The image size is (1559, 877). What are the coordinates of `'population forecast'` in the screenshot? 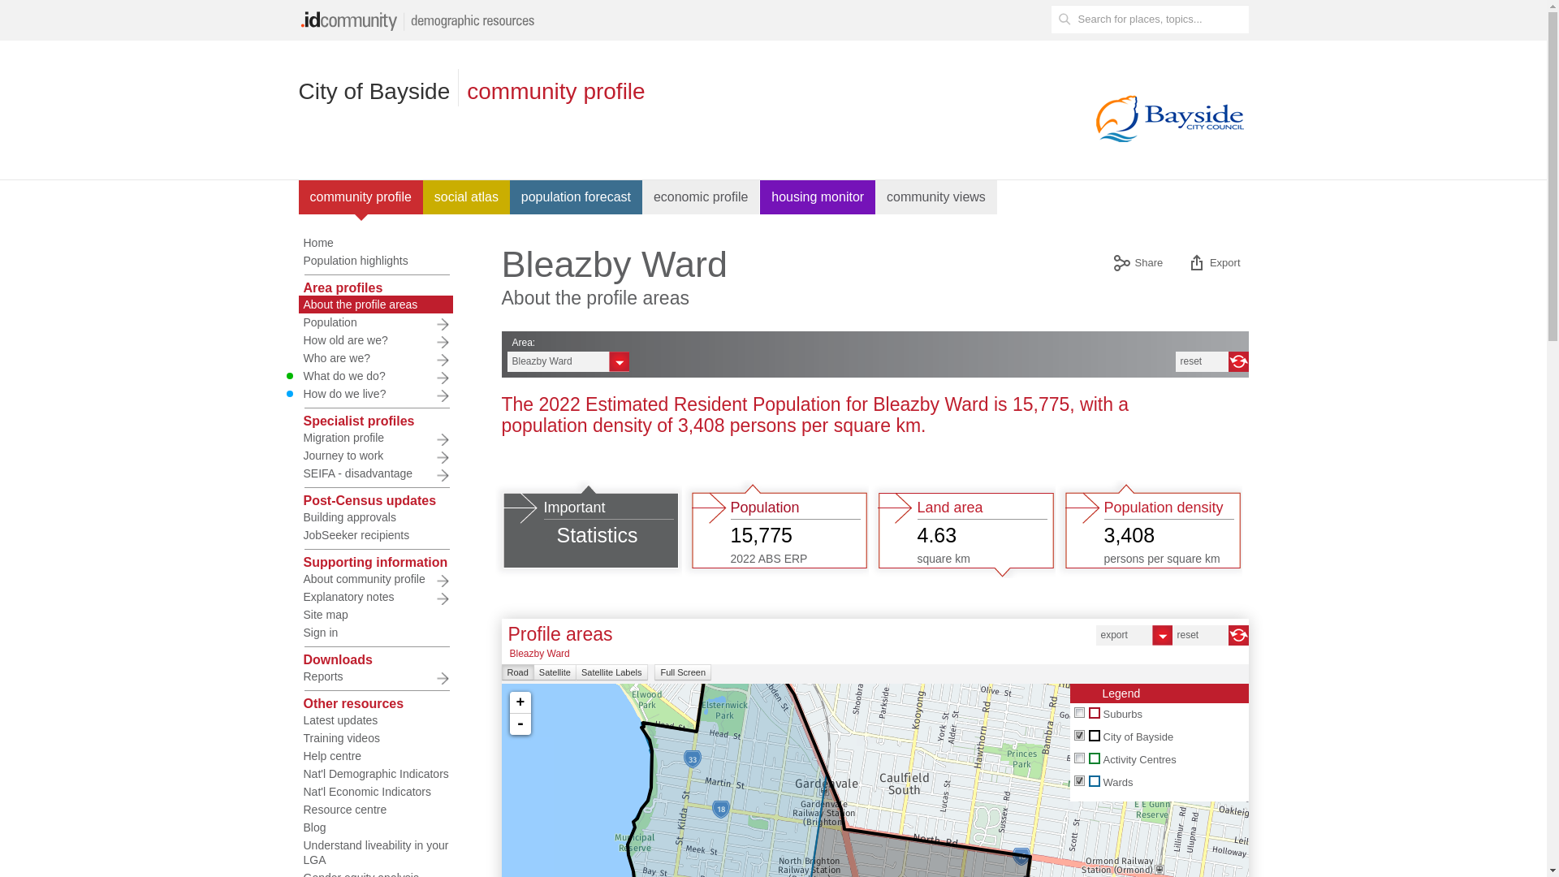 It's located at (576, 197).